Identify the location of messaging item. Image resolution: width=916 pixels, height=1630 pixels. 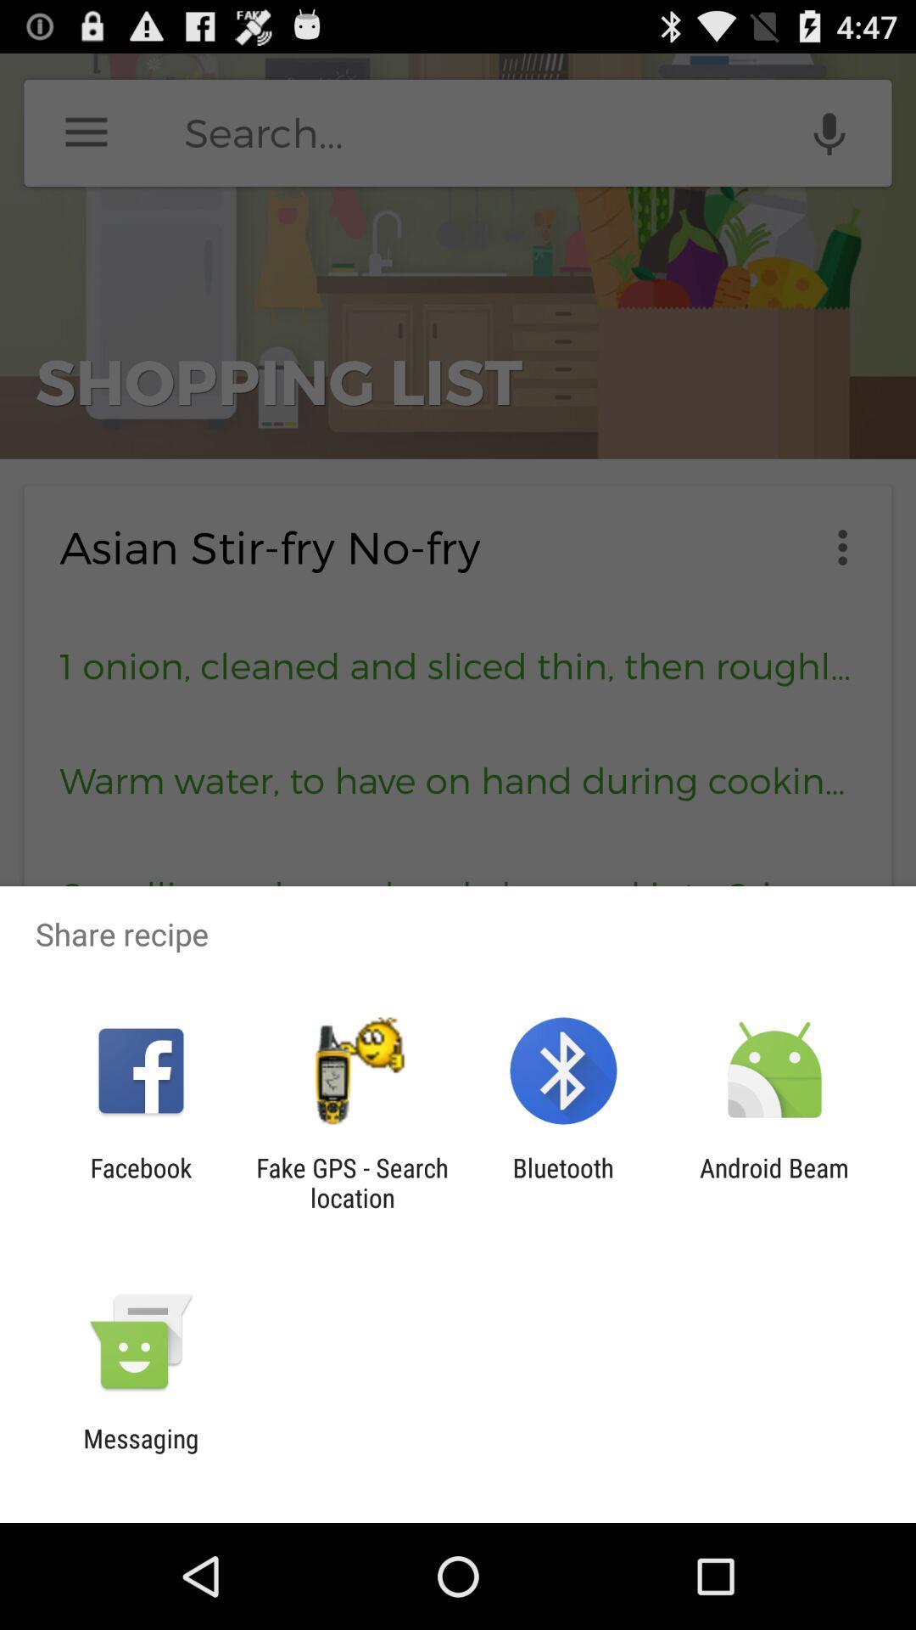
(140, 1453).